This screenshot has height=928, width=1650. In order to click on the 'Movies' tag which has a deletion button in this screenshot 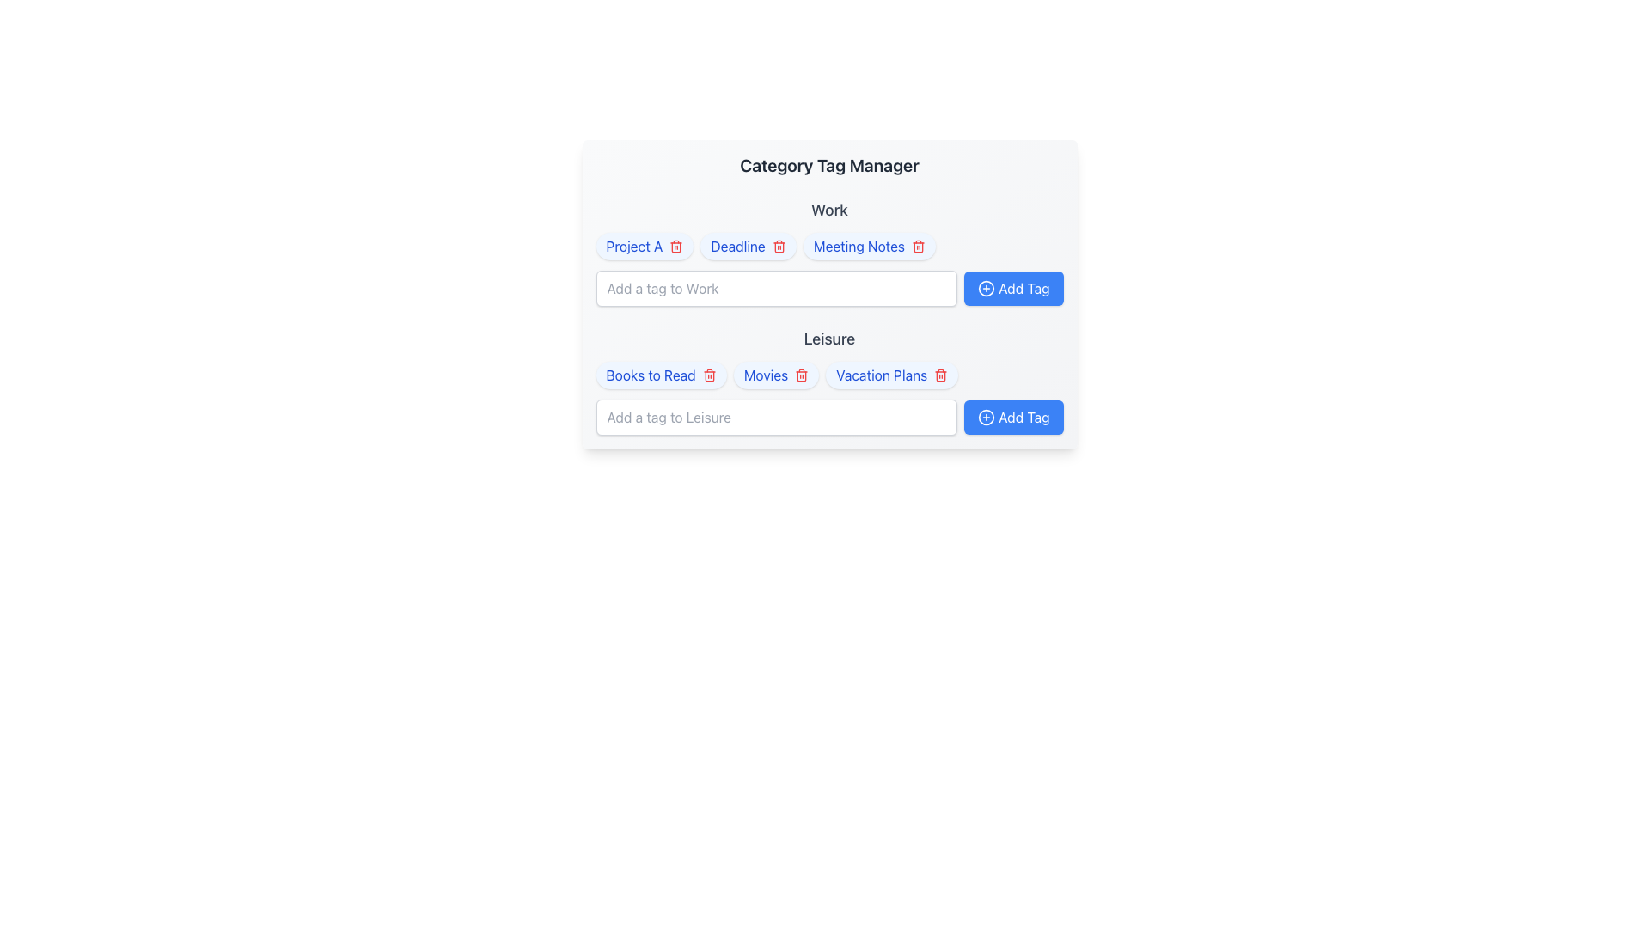, I will do `click(775, 374)`.